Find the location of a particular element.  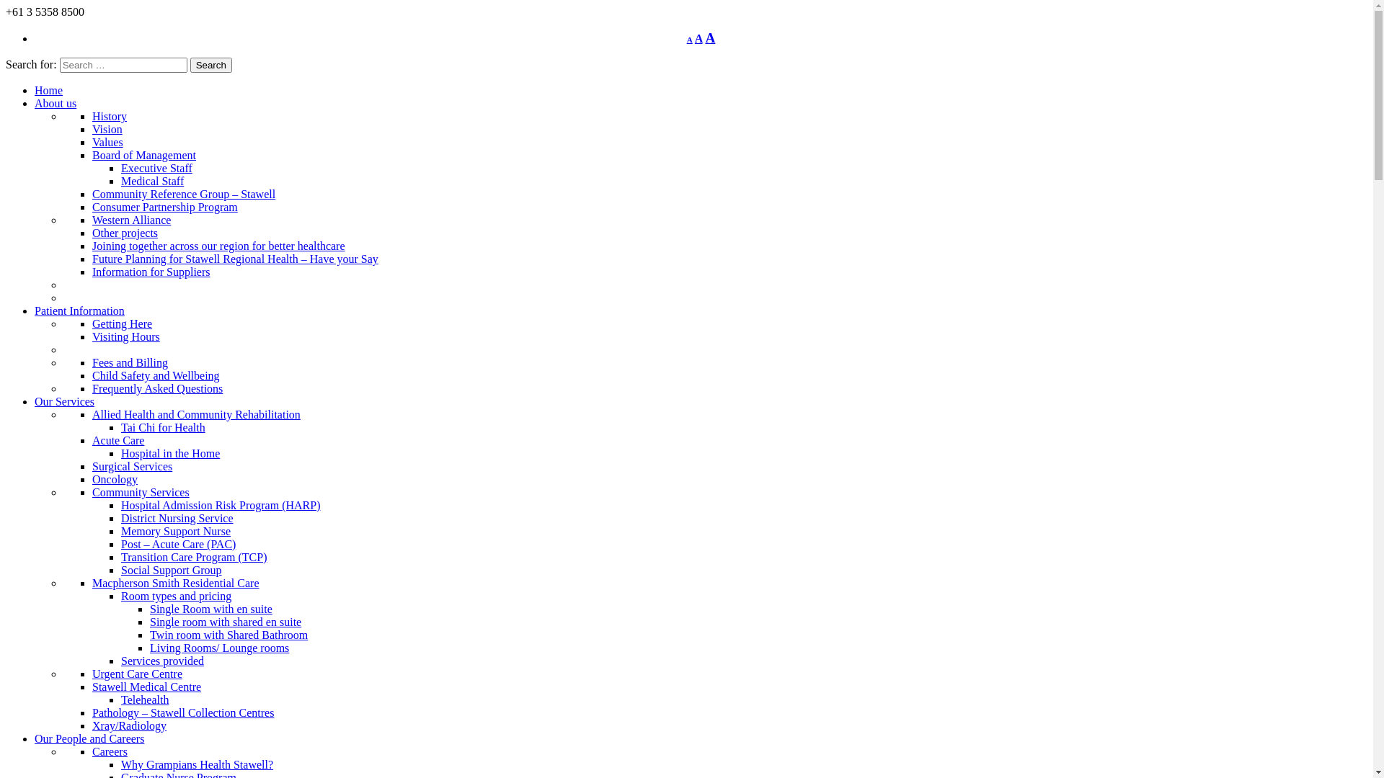

'Xray/Radiology' is located at coordinates (129, 725).